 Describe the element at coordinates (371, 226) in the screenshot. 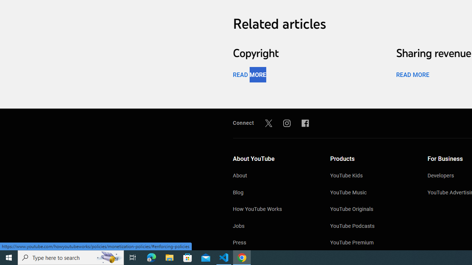

I see `'YouTube Podcasts'` at that location.